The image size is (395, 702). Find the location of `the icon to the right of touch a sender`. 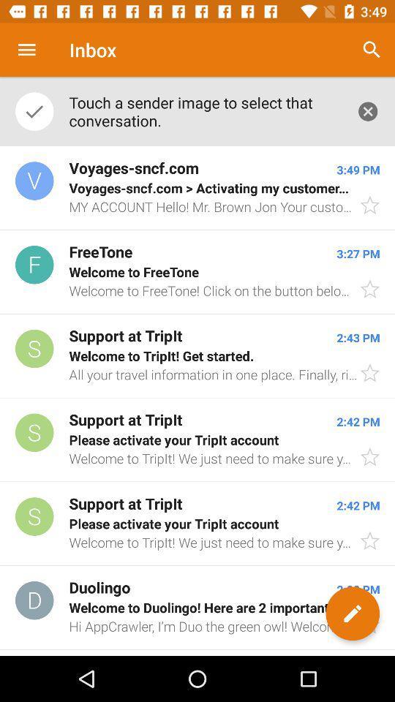

the icon to the right of touch a sender is located at coordinates (367, 110).